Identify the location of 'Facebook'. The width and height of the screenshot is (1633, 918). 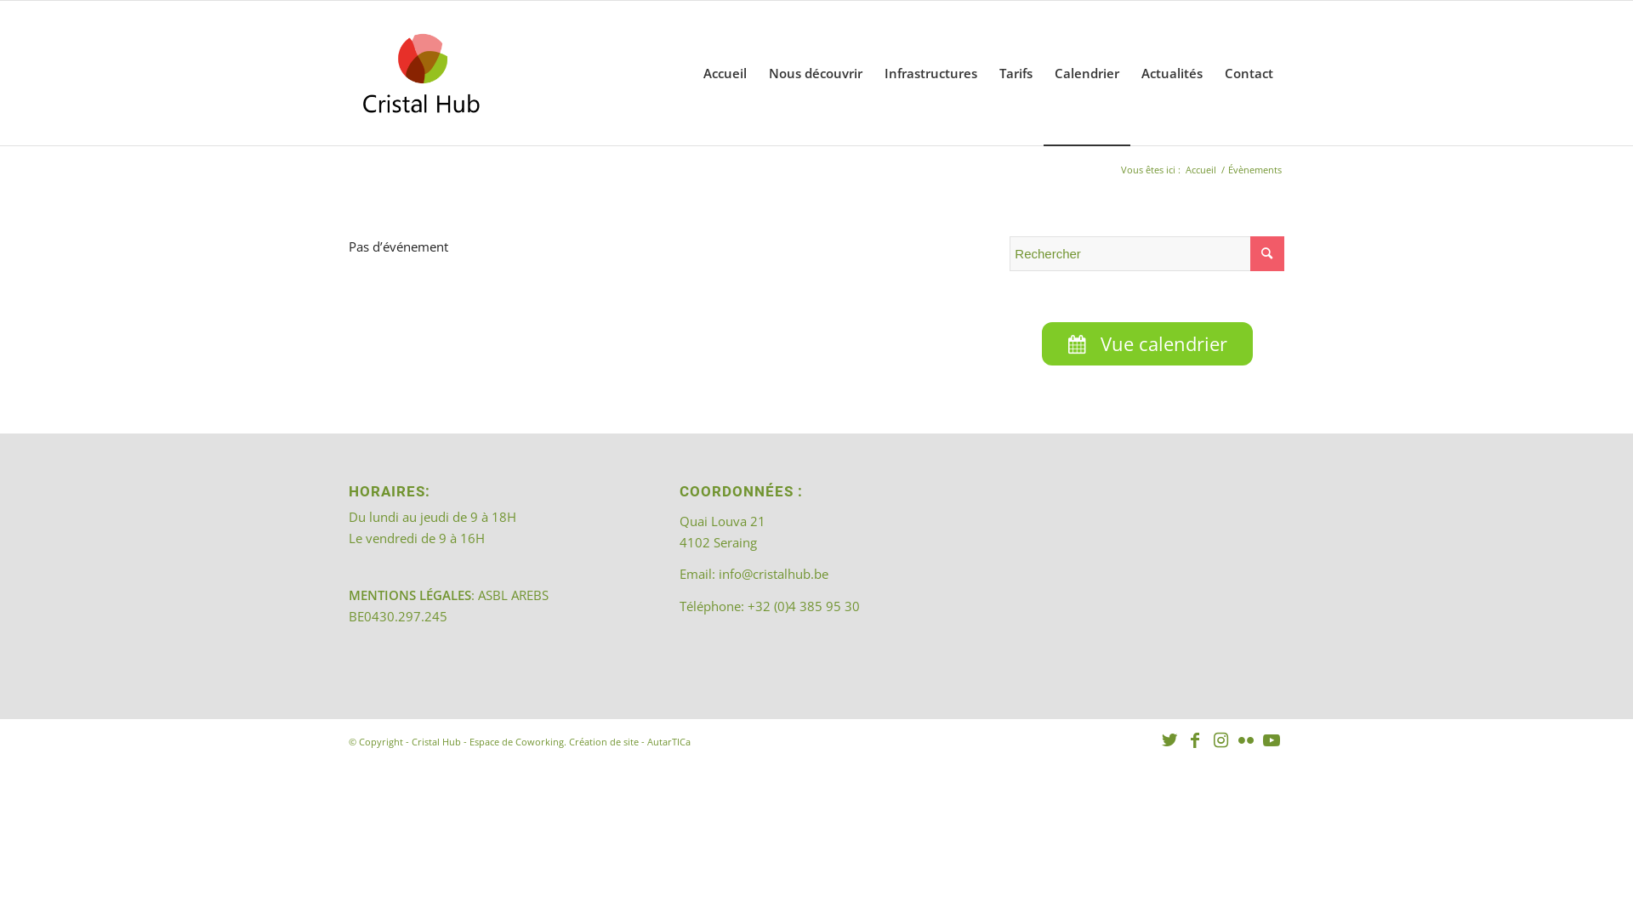
(1194, 739).